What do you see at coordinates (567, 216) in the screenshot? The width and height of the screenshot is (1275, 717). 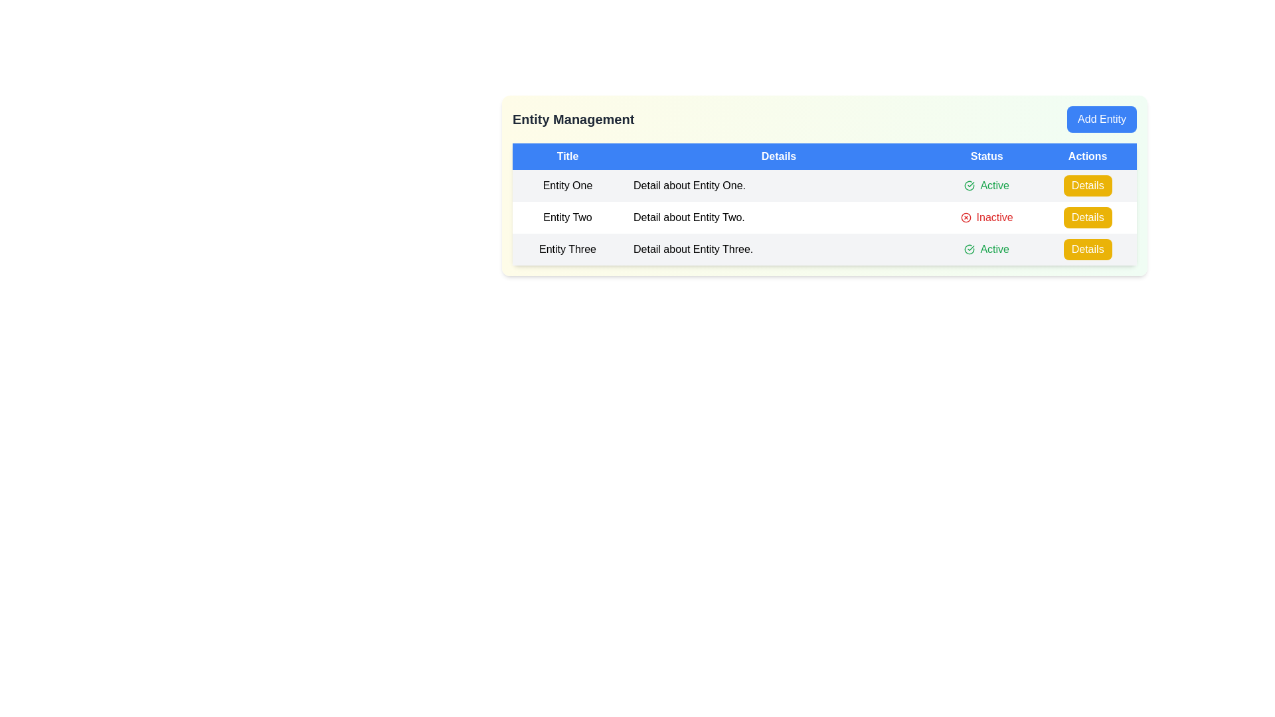 I see `the Text label in the 'Title' column of the second row under 'Entity Management', which identifies the entity's name` at bounding box center [567, 216].